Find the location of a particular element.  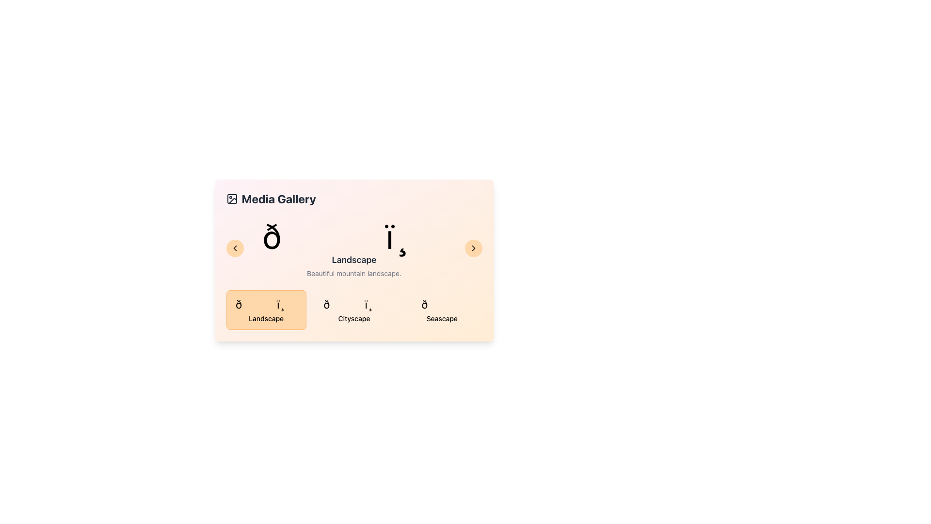

the rectangular button with a light orange background labeled 'Landscape' is located at coordinates (266, 310).